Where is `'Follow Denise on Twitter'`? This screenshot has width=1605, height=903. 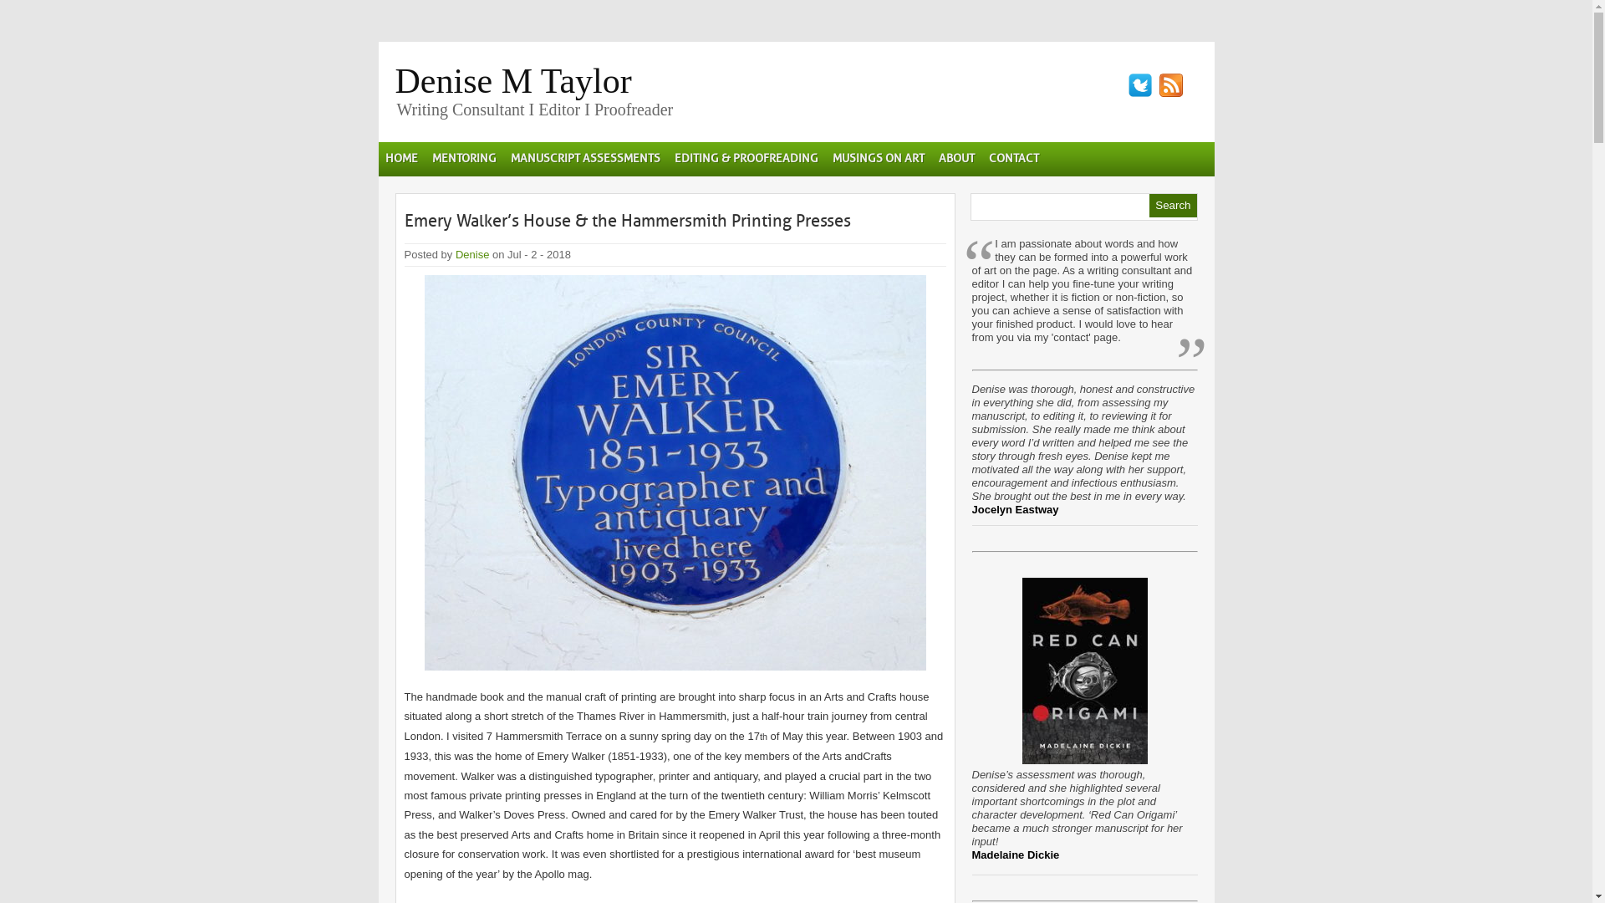 'Follow Denise on Twitter' is located at coordinates (1139, 84).